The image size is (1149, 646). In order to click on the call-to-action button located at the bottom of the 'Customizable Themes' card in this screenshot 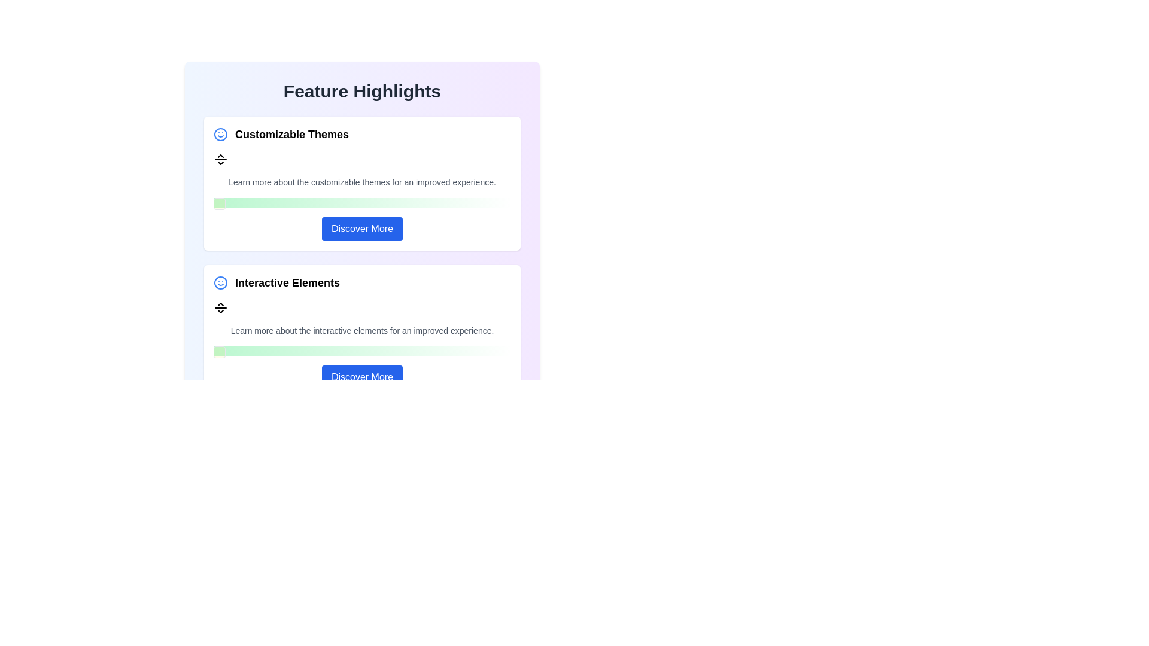, I will do `click(361, 228)`.